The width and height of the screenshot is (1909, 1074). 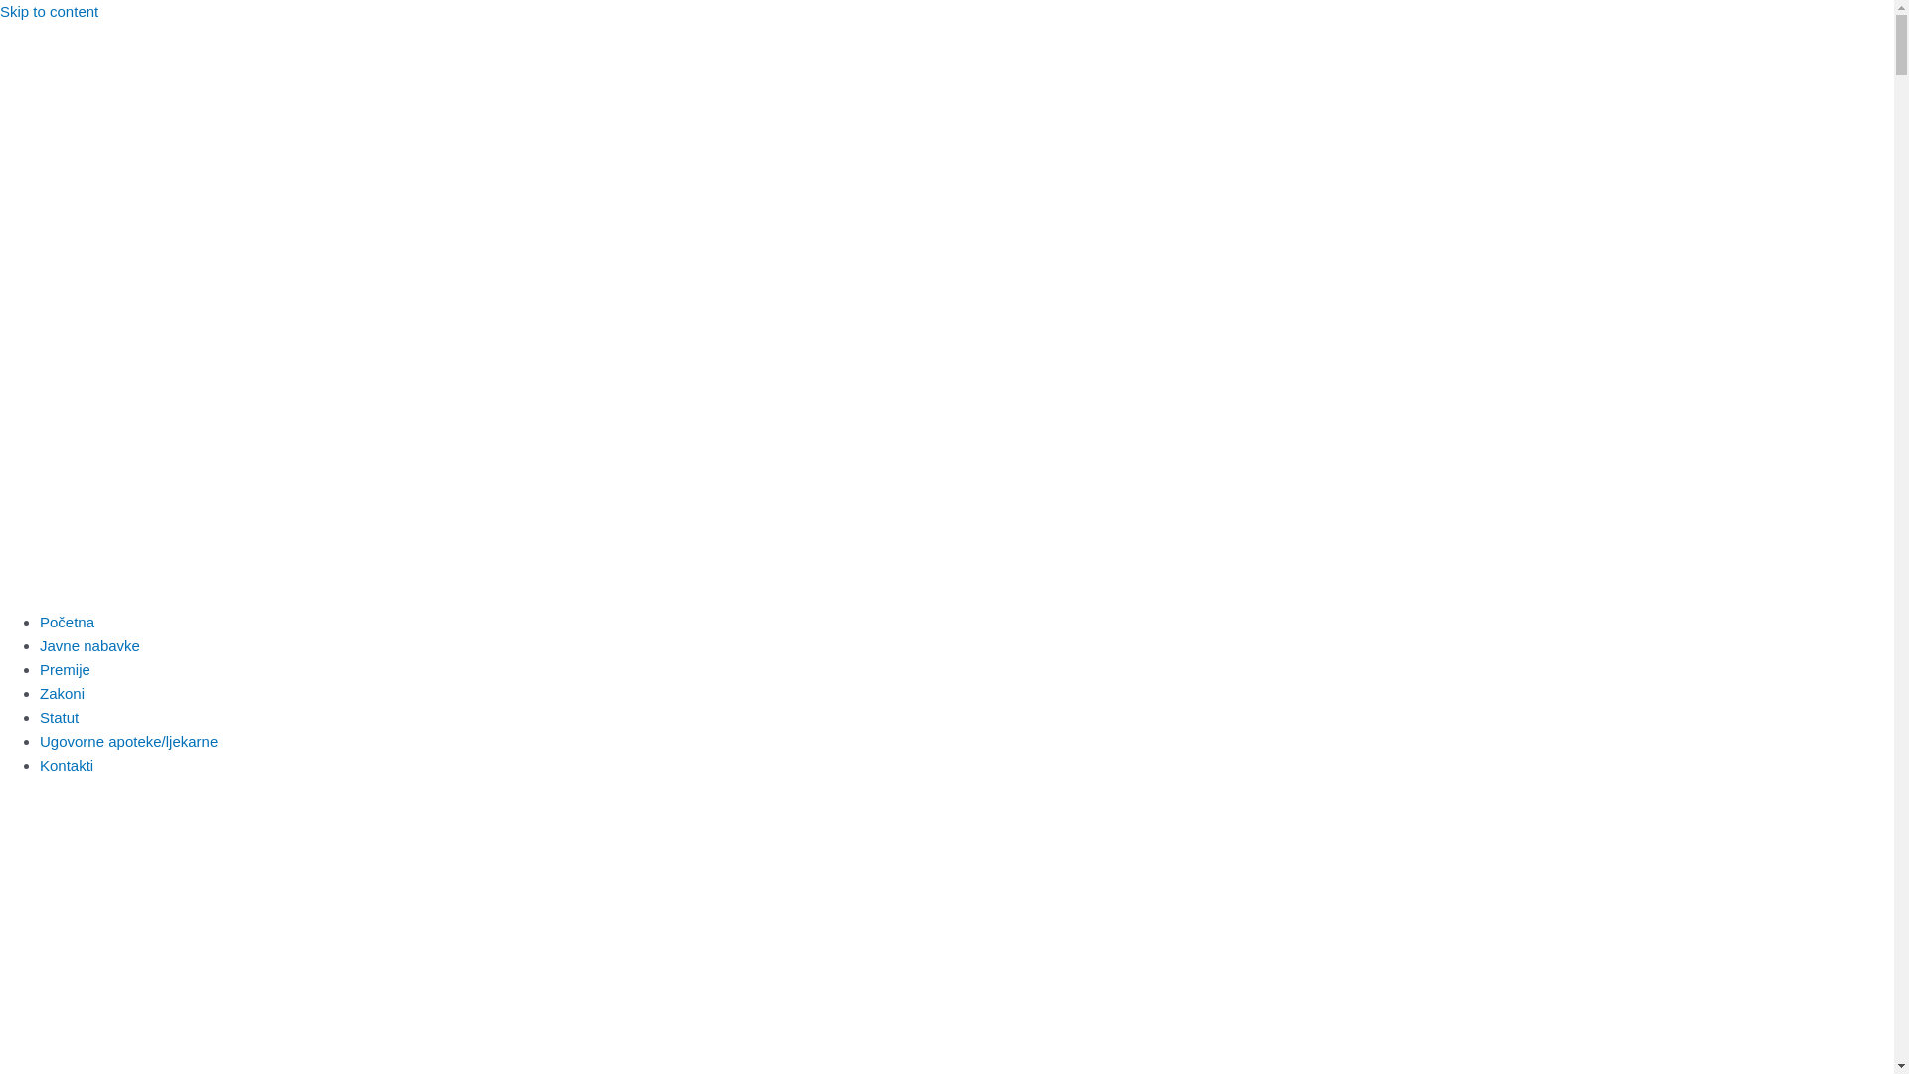 I want to click on 'Skip to content', so click(x=49, y=11).